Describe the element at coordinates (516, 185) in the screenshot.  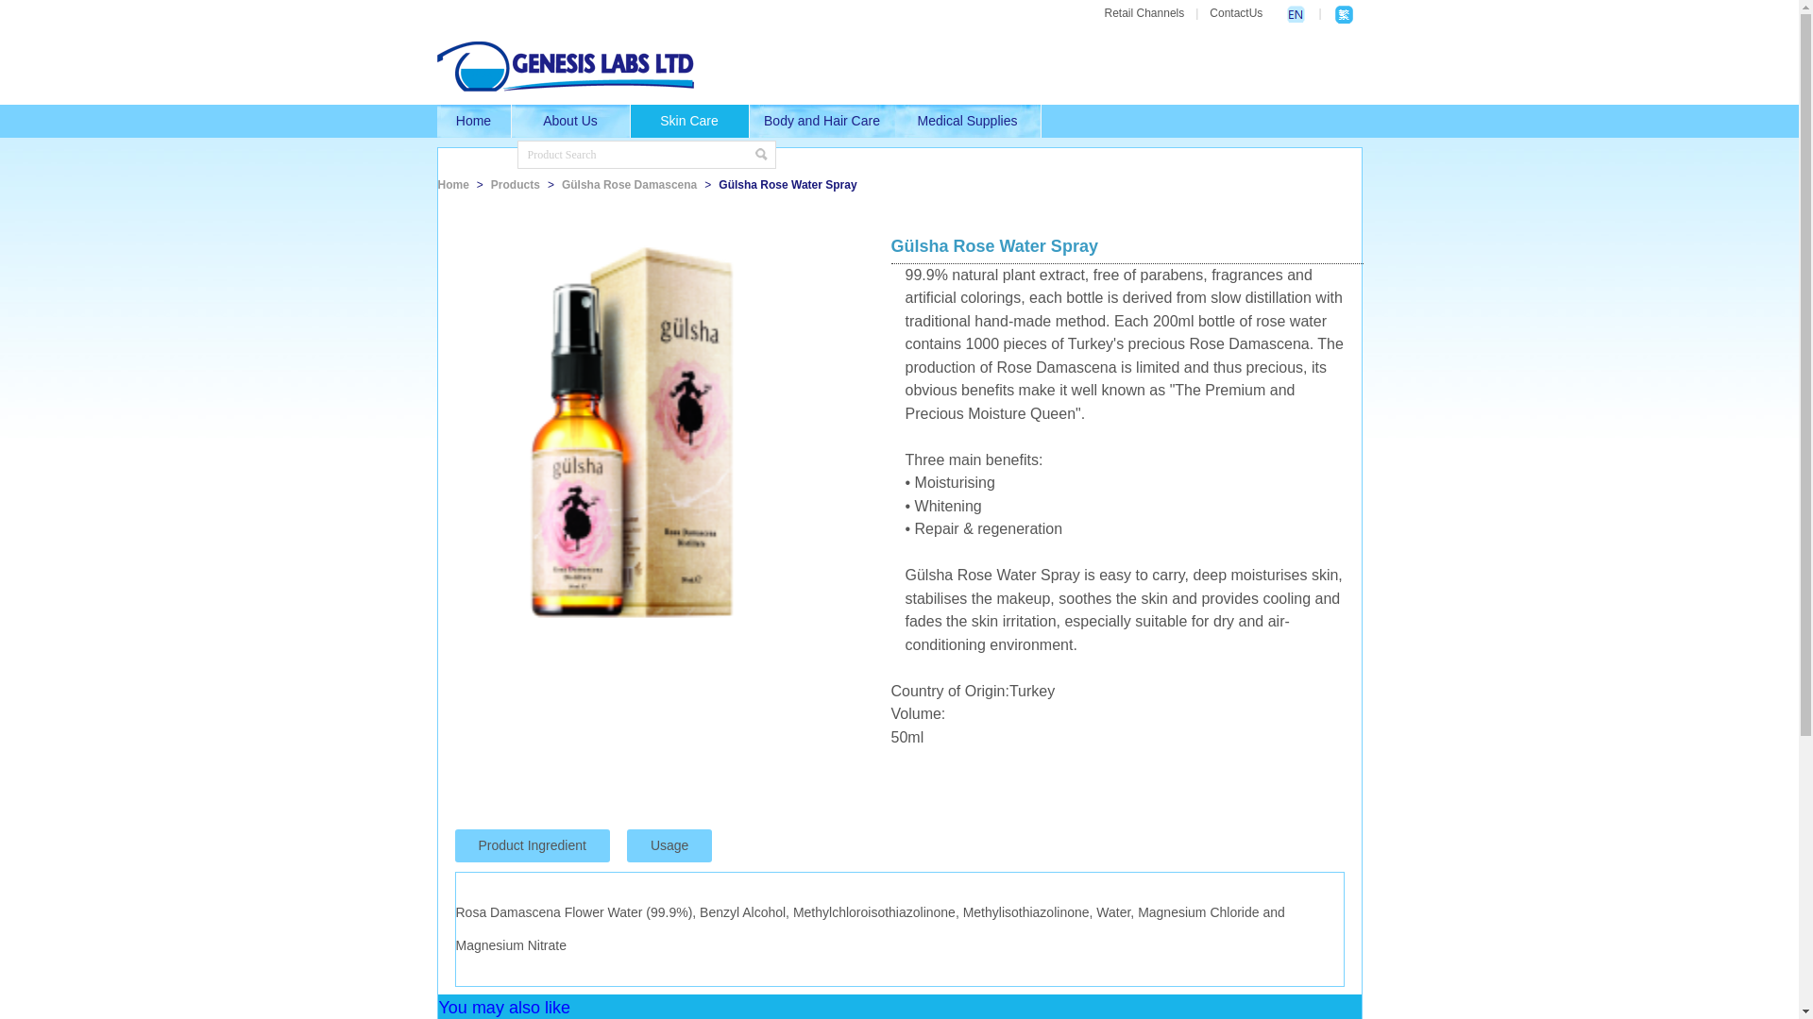
I see `'Products'` at that location.